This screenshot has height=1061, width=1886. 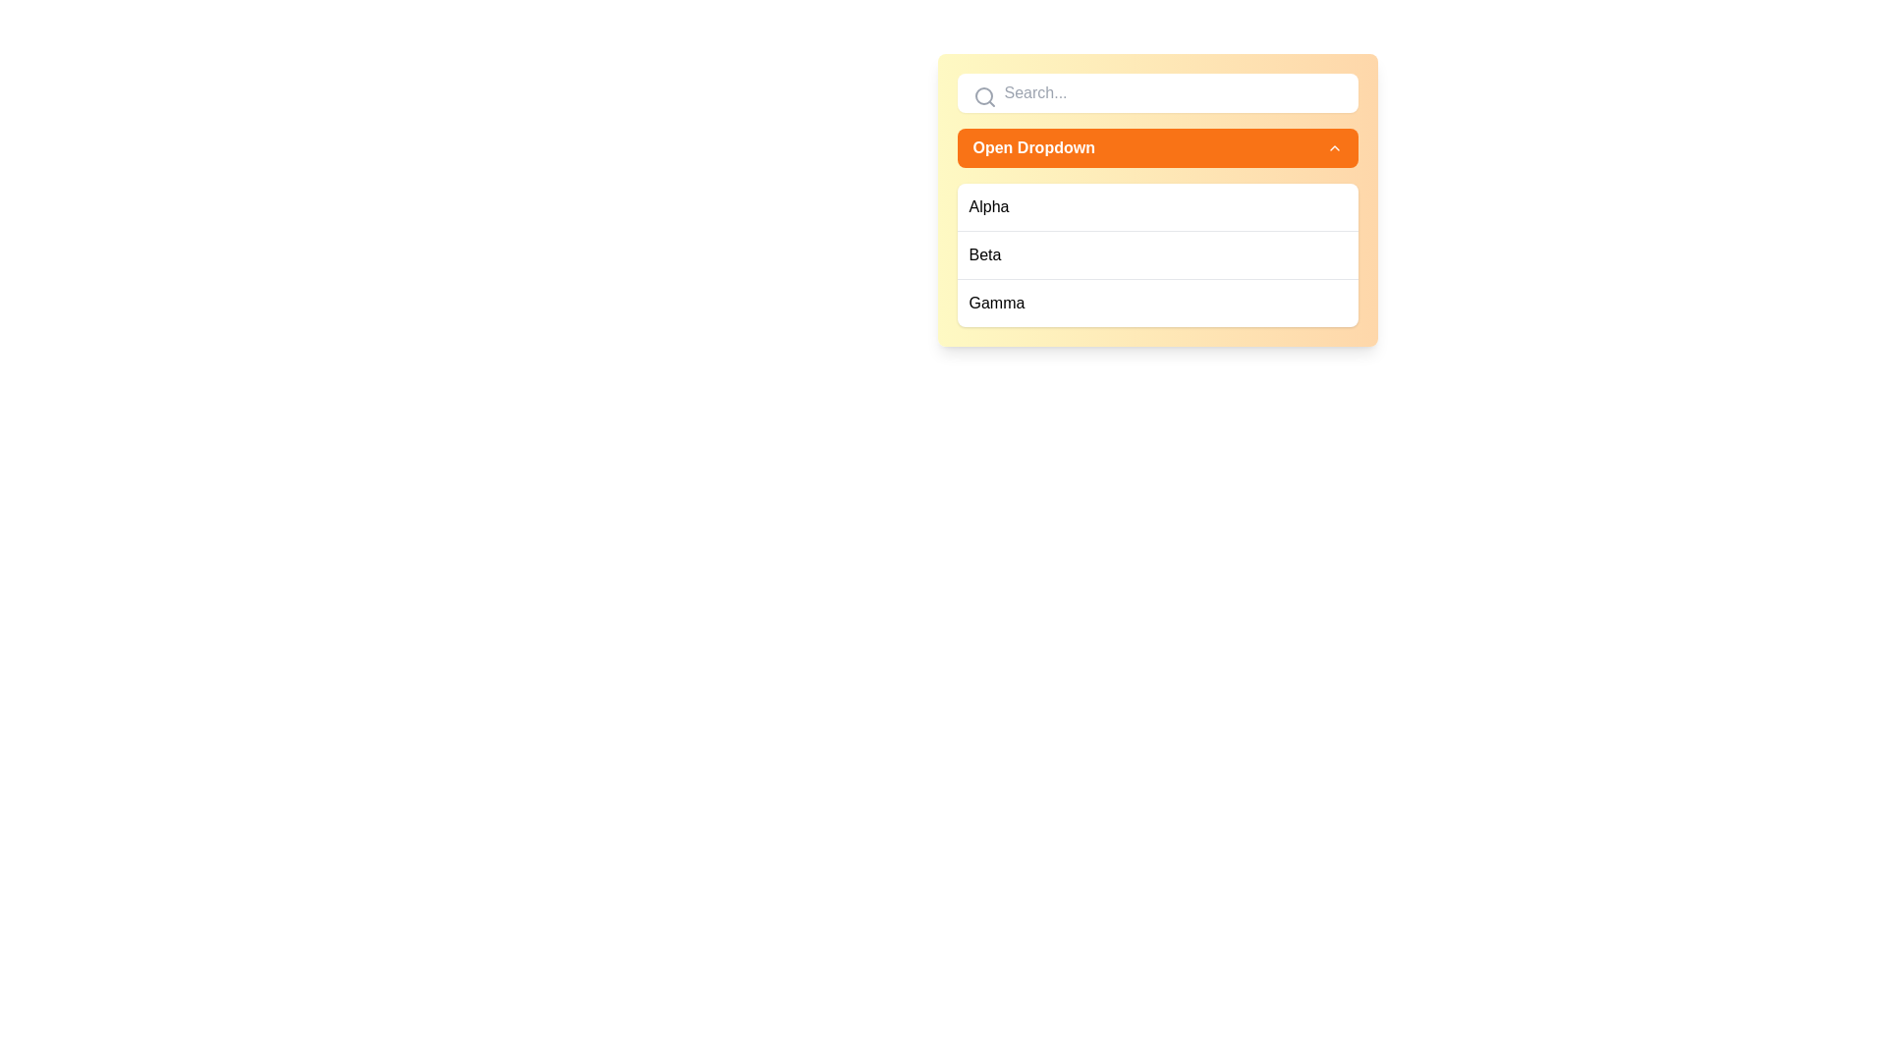 I want to click on the circular icon representing the lens of the magnifying glass, located at the top left corner of the search bar, so click(x=983, y=95).